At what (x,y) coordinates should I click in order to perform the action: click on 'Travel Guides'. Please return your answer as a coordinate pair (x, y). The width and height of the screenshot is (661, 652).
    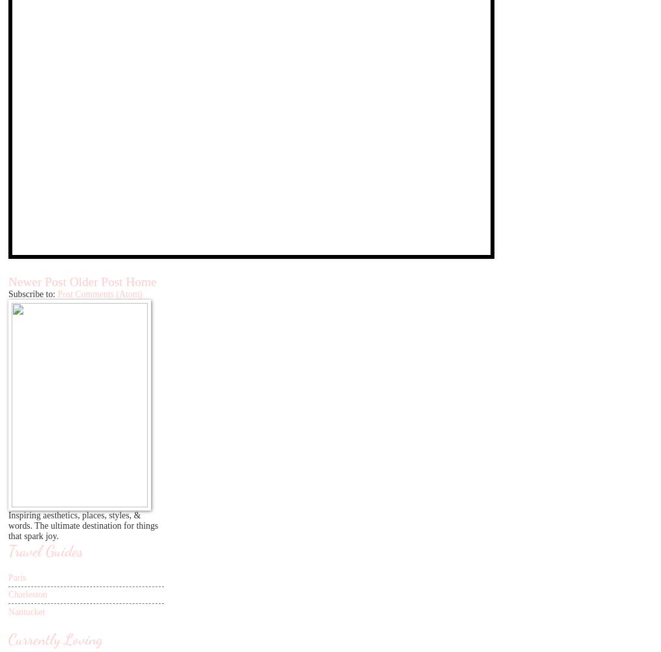
    Looking at the image, I should click on (45, 550).